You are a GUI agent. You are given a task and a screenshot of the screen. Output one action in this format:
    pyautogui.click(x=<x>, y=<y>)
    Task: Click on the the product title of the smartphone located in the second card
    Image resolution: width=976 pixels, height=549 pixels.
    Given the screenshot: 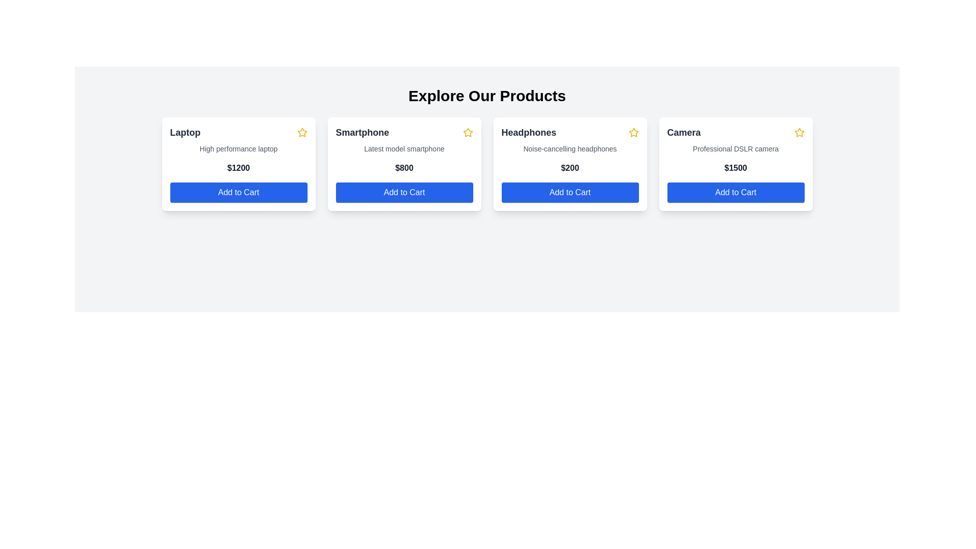 What is the action you would take?
    pyautogui.click(x=404, y=132)
    